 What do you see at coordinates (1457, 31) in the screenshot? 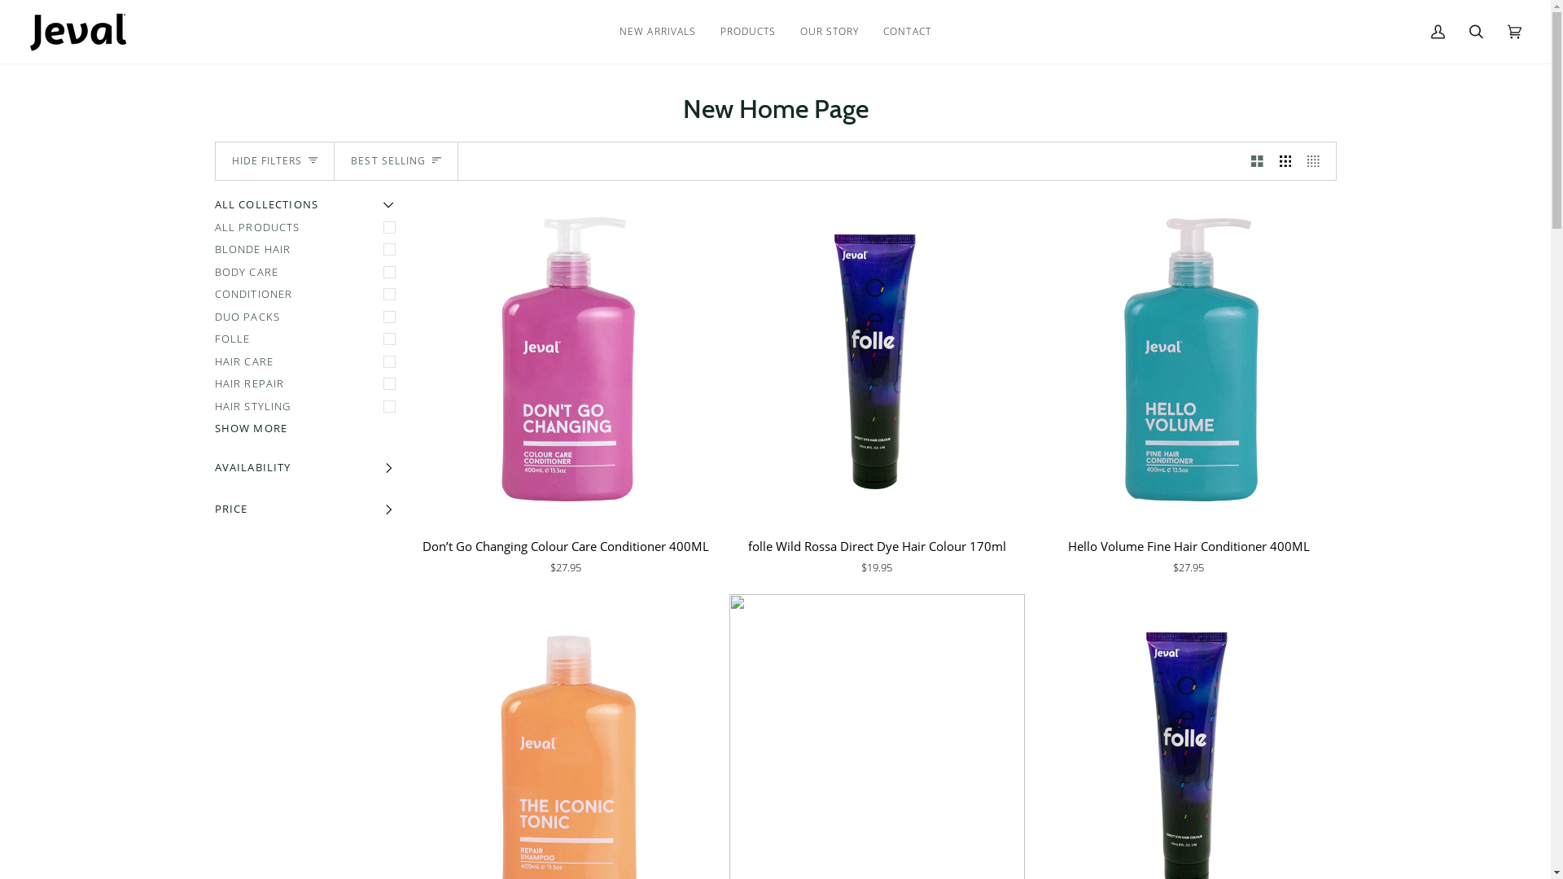
I see `'Search'` at bounding box center [1457, 31].